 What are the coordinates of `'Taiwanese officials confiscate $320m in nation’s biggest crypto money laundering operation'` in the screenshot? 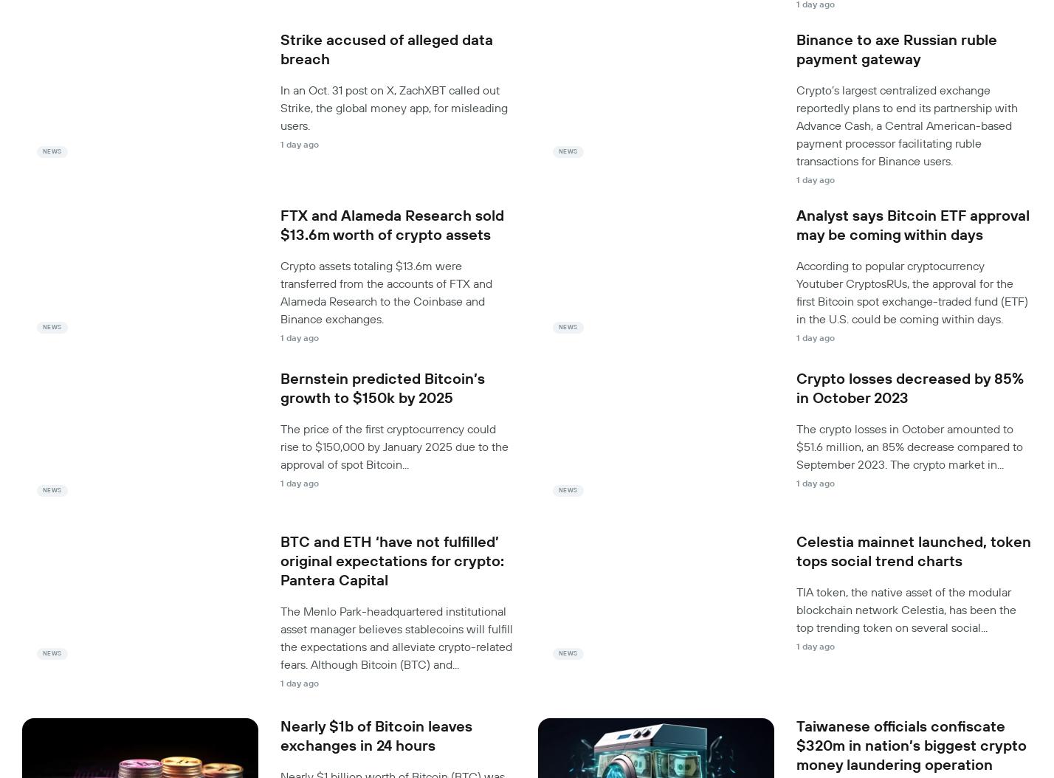 It's located at (911, 745).